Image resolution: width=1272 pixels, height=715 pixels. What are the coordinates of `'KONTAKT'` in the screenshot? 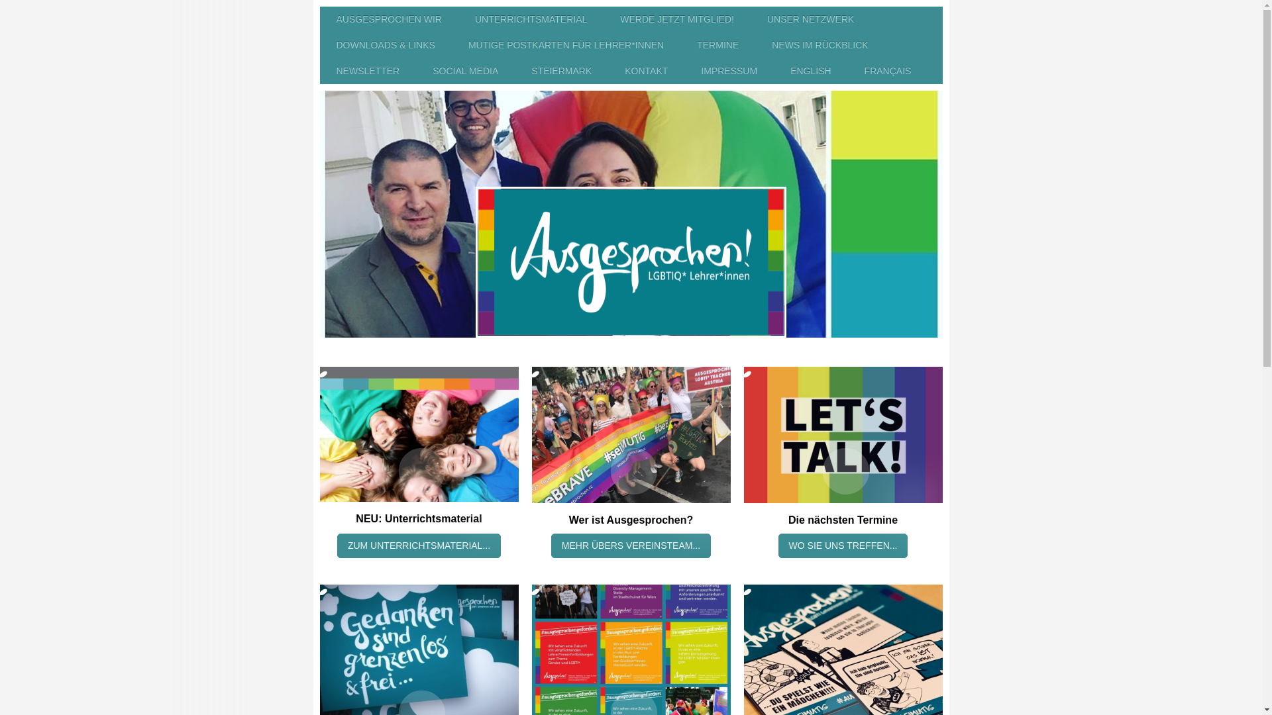 It's located at (607, 71).